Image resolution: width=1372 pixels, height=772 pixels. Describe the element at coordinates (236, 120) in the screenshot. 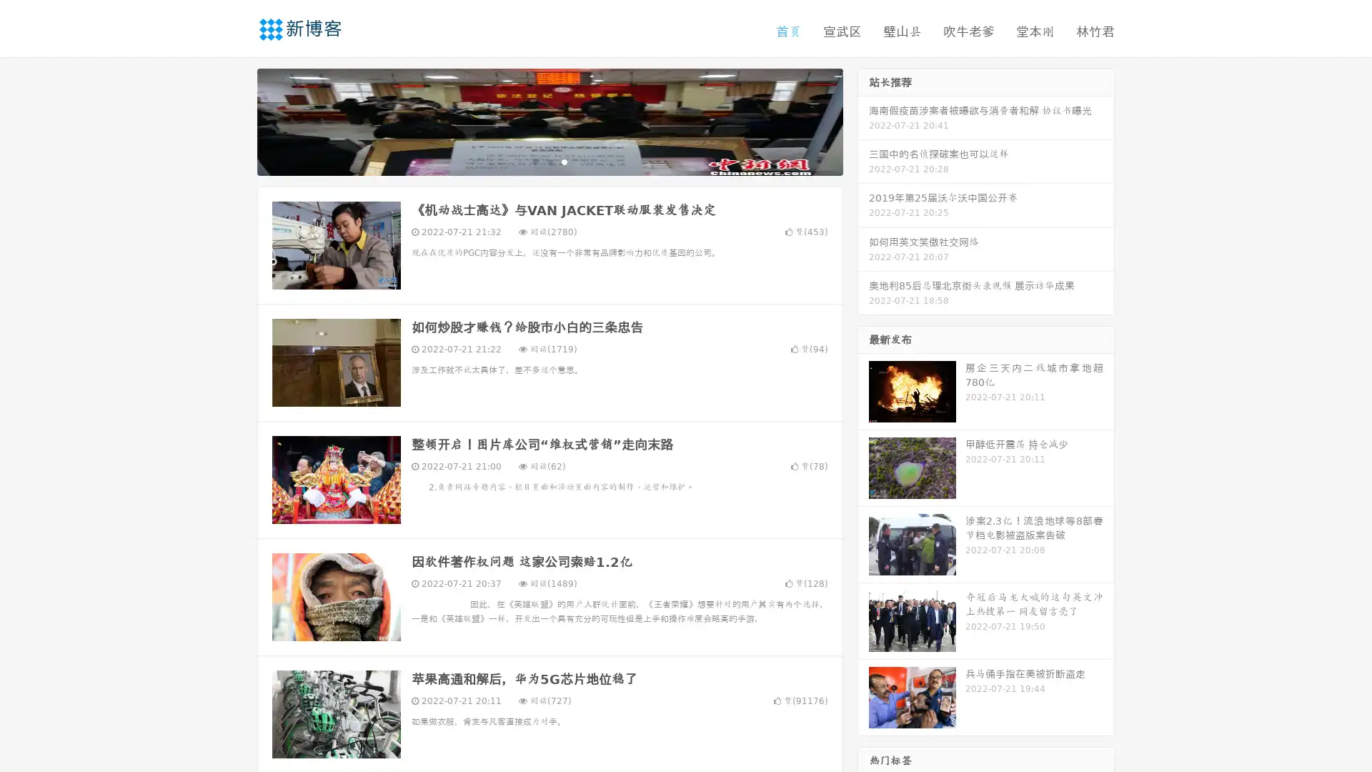

I see `Previous slide` at that location.